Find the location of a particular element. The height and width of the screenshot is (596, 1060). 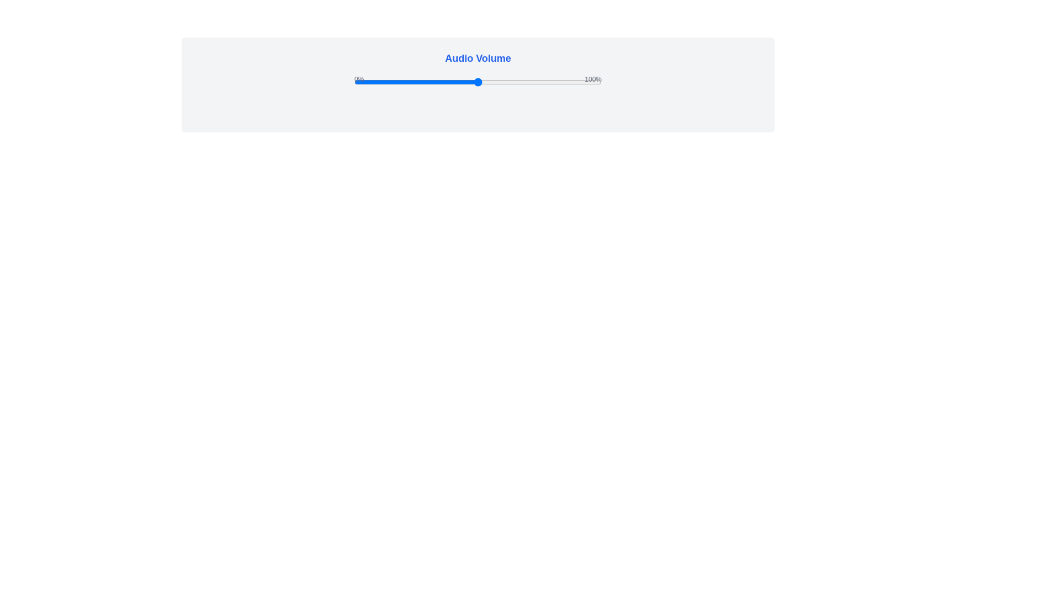

the handle of the Slider input control labeled 'Audio Volume' is located at coordinates (478, 82).